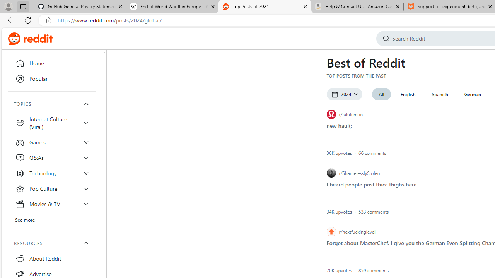  I want to click on 'RESOURCES', so click(52, 243).